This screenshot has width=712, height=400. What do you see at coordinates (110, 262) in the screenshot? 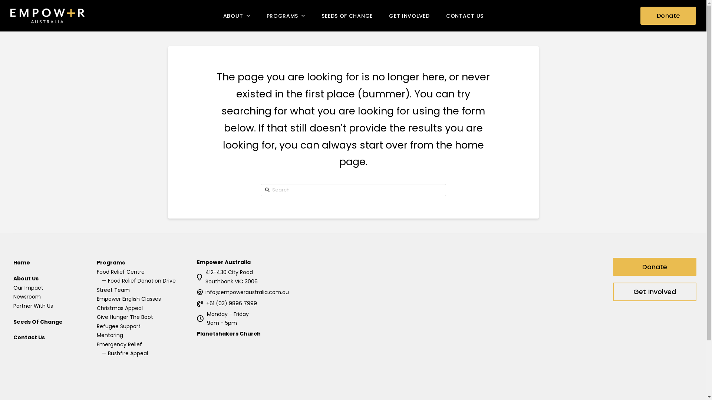
I see `'Programs'` at bounding box center [110, 262].